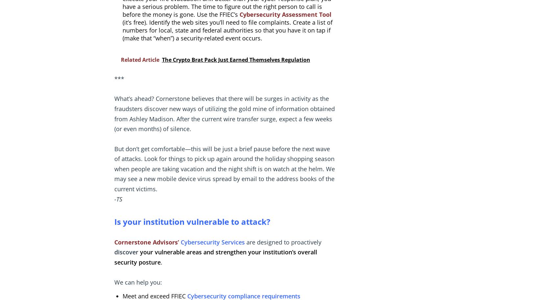 Image resolution: width=557 pixels, height=302 pixels. I want to click on 'What’s ahead? Cornerstone believes that there will be surges in activity as the fraudsters discover new ways of utilizing the gold mine of information obtained from Ashley Madison. After the current wire transfer surge, expect a few weeks (or even months) of silence.', so click(224, 113).